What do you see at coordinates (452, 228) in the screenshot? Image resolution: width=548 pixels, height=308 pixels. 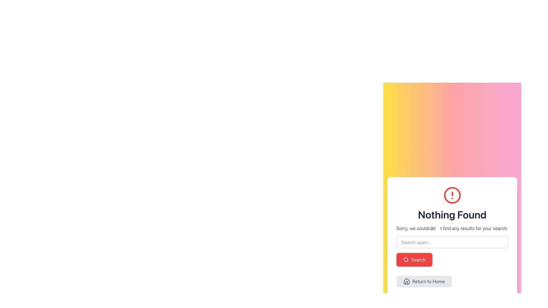 I see `message text that informs the user about the absence of search results, positioned below the title 'Nothing Found'` at bounding box center [452, 228].